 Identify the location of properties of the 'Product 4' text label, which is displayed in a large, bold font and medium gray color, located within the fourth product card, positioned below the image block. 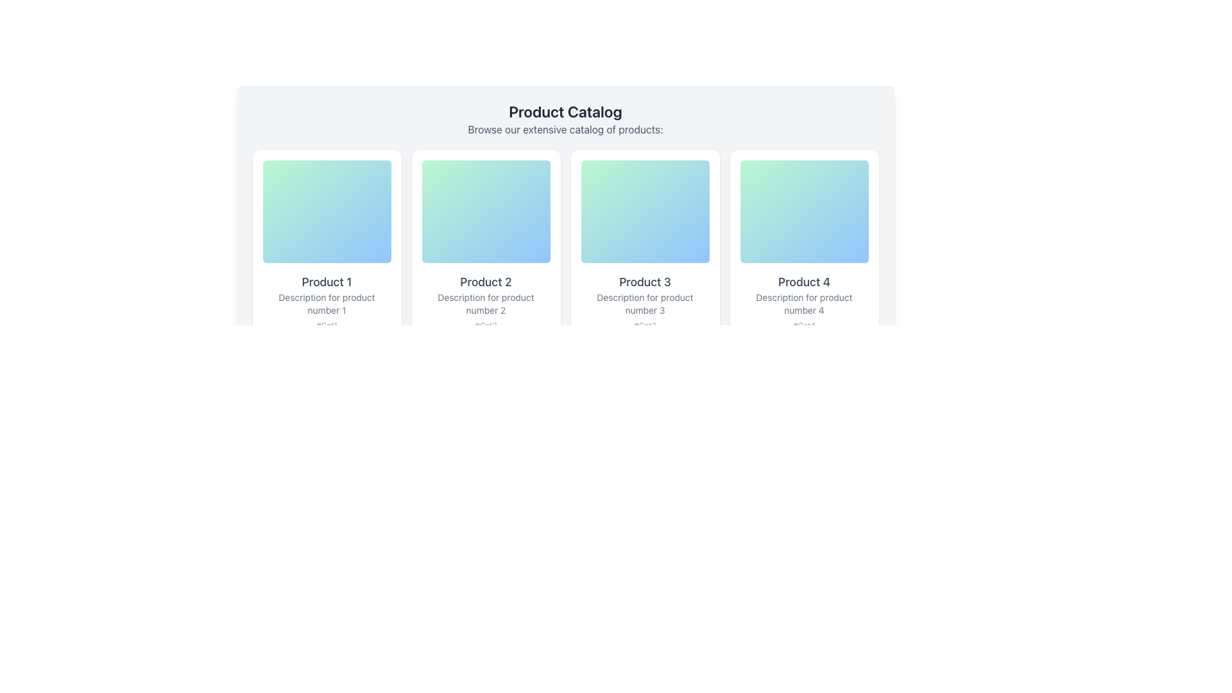
(803, 281).